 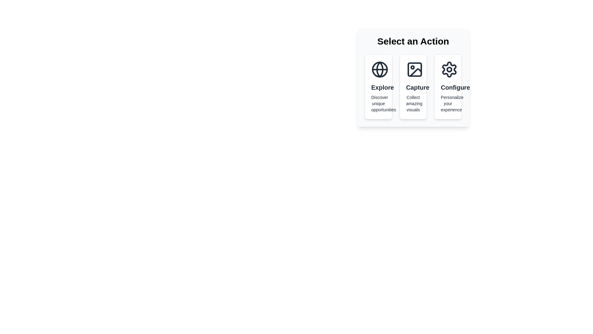 I want to click on the settings icon located in the rightmost position of the 'Configure' option card, which is above the text 'Configure', so click(x=449, y=69).